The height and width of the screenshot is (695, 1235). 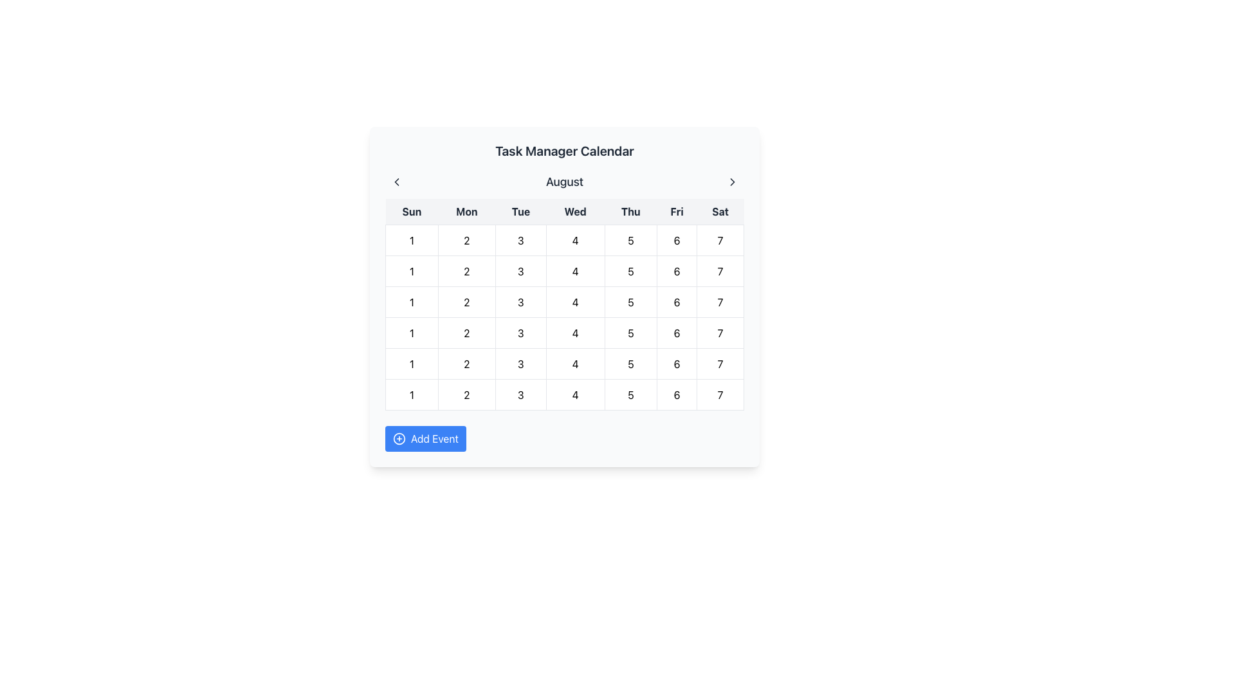 What do you see at coordinates (520, 302) in the screenshot?
I see `the calendar day cell representing the 3rd day of the month` at bounding box center [520, 302].